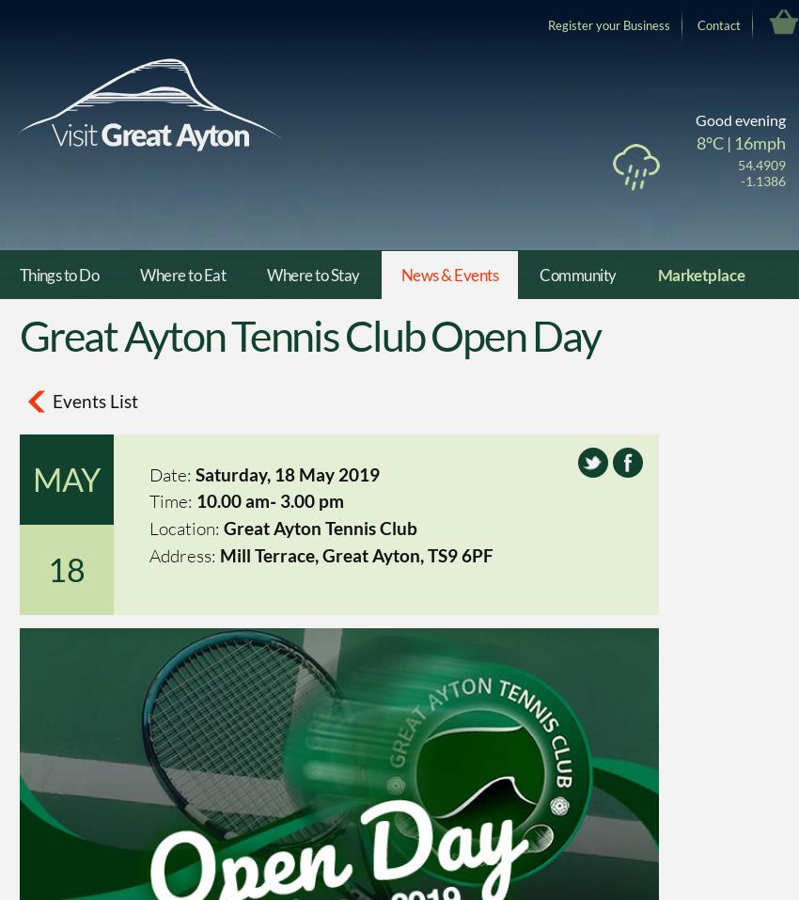  What do you see at coordinates (740, 143) in the screenshot?
I see `'8°C | 16mph'` at bounding box center [740, 143].